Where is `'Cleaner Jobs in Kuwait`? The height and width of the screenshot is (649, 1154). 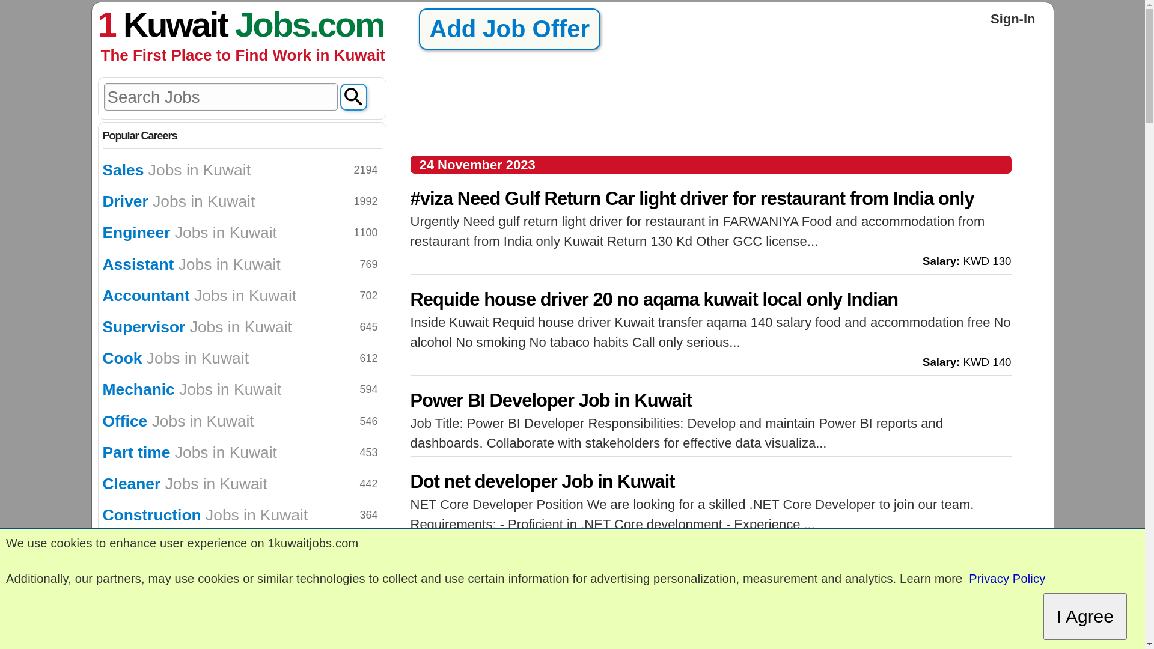
'Cleaner Jobs in Kuwait is located at coordinates (241, 483).